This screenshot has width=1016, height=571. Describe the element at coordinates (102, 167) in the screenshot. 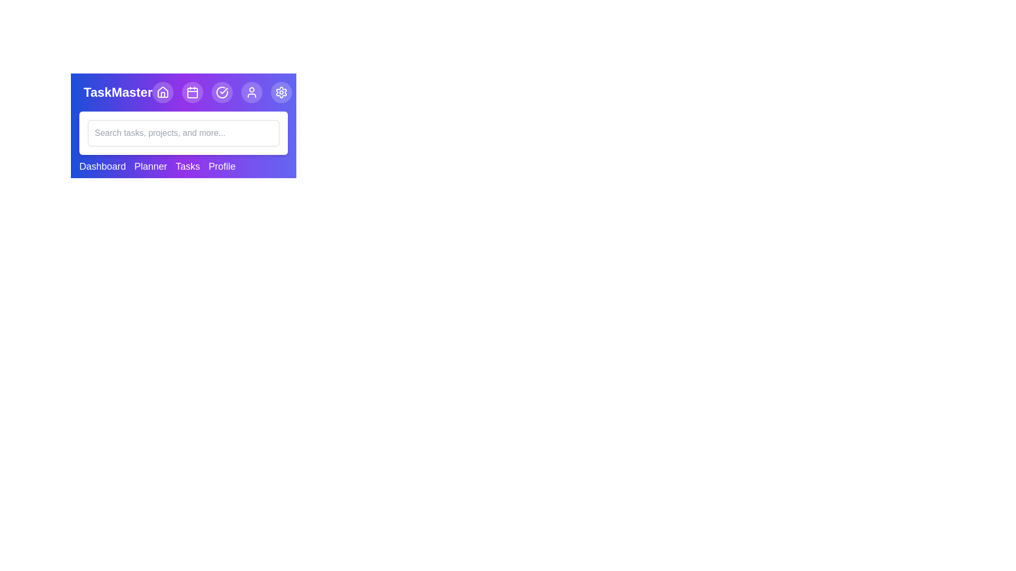

I see `the menu item Dashboard` at that location.